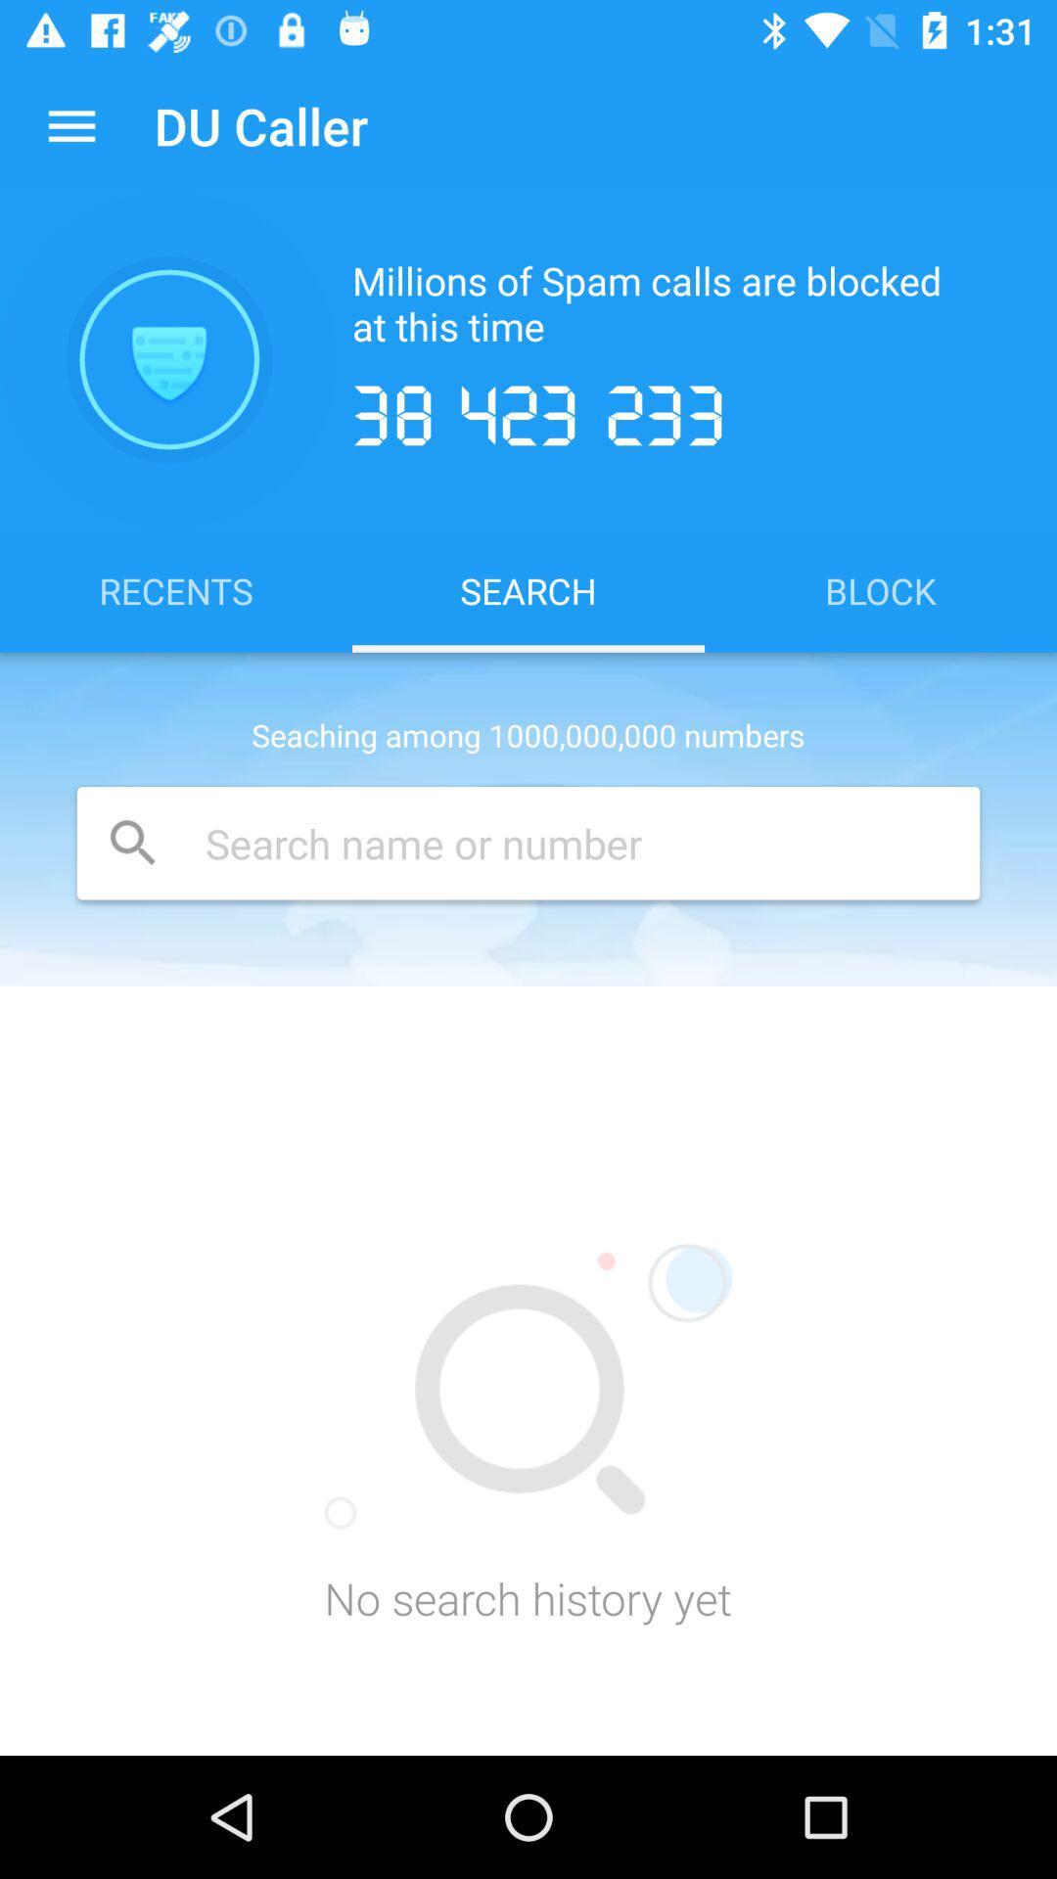 The height and width of the screenshot is (1879, 1057). I want to click on item next to the search item, so click(879, 589).